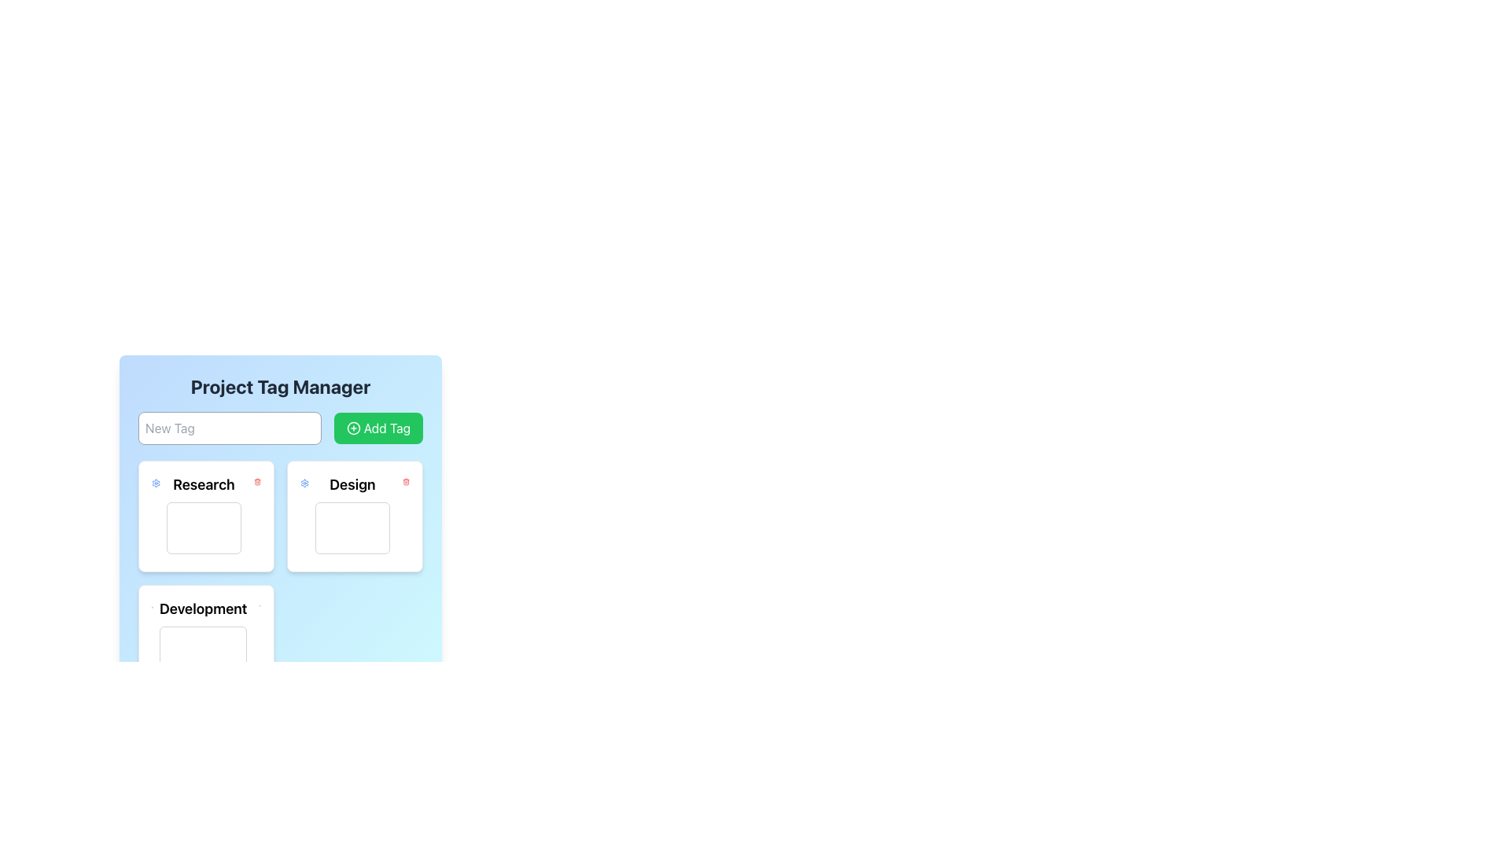 This screenshot has height=849, width=1510. What do you see at coordinates (156, 482) in the screenshot?
I see `the rounded gear icon button with a blue outline located in the top-left corner of the 'Research' card` at bounding box center [156, 482].